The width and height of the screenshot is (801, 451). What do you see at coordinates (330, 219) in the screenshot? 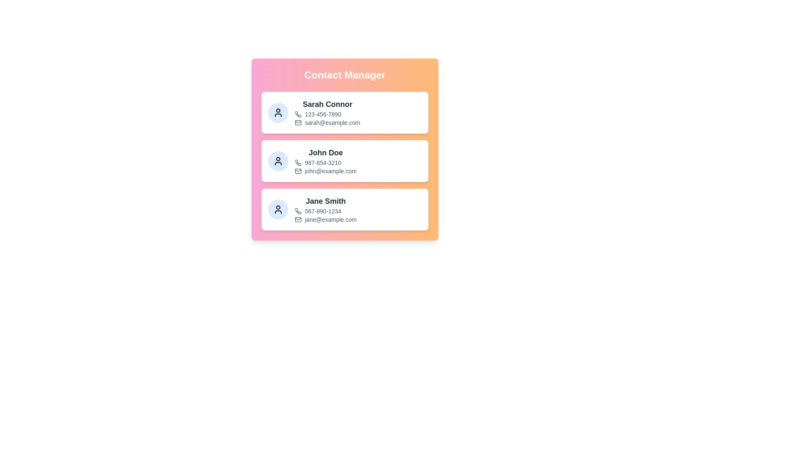
I see `the email address of Jane Smith` at bounding box center [330, 219].